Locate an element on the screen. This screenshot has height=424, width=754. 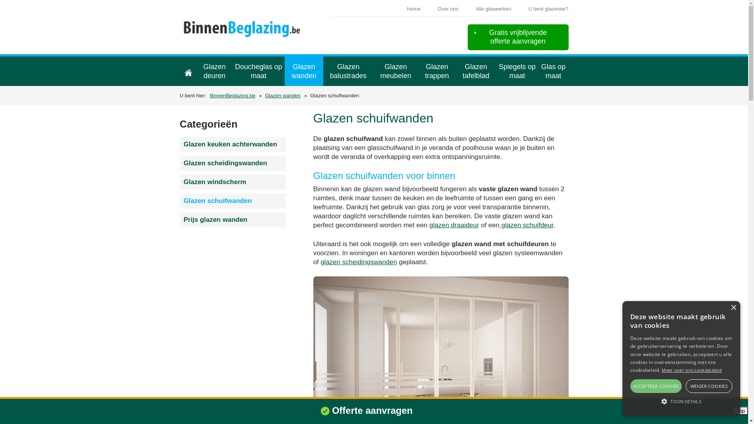
'Top' is located at coordinates (740, 410).